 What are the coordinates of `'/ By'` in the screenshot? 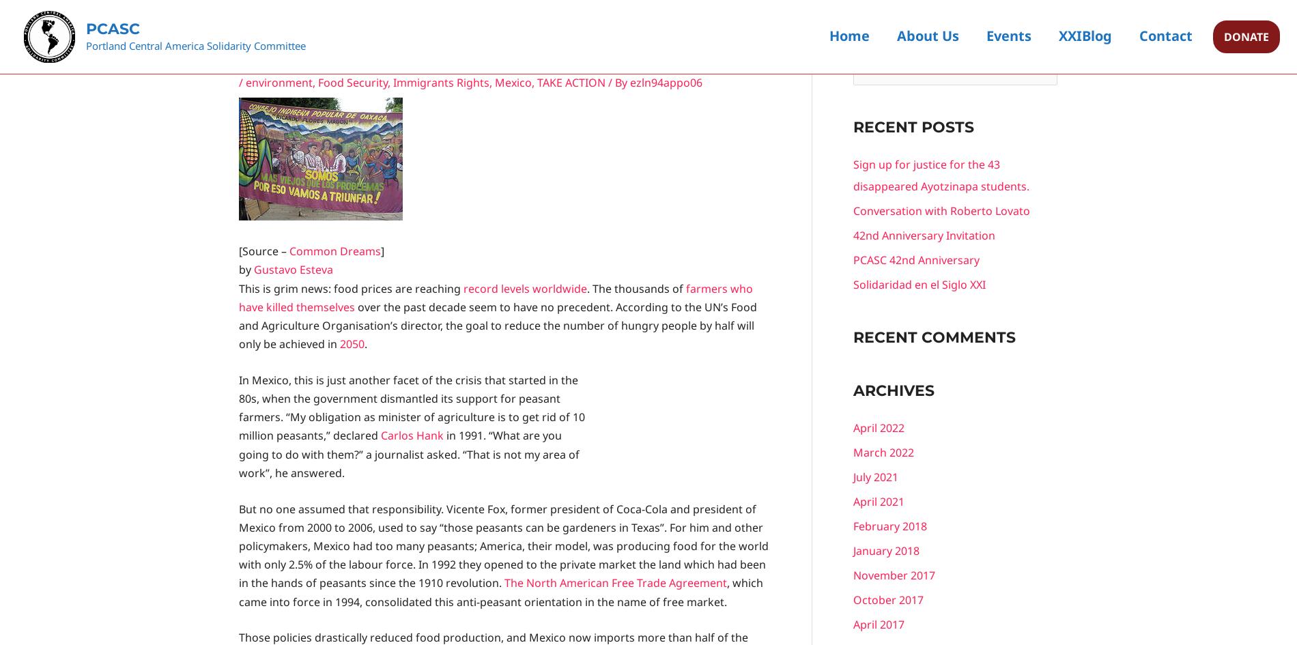 It's located at (616, 81).